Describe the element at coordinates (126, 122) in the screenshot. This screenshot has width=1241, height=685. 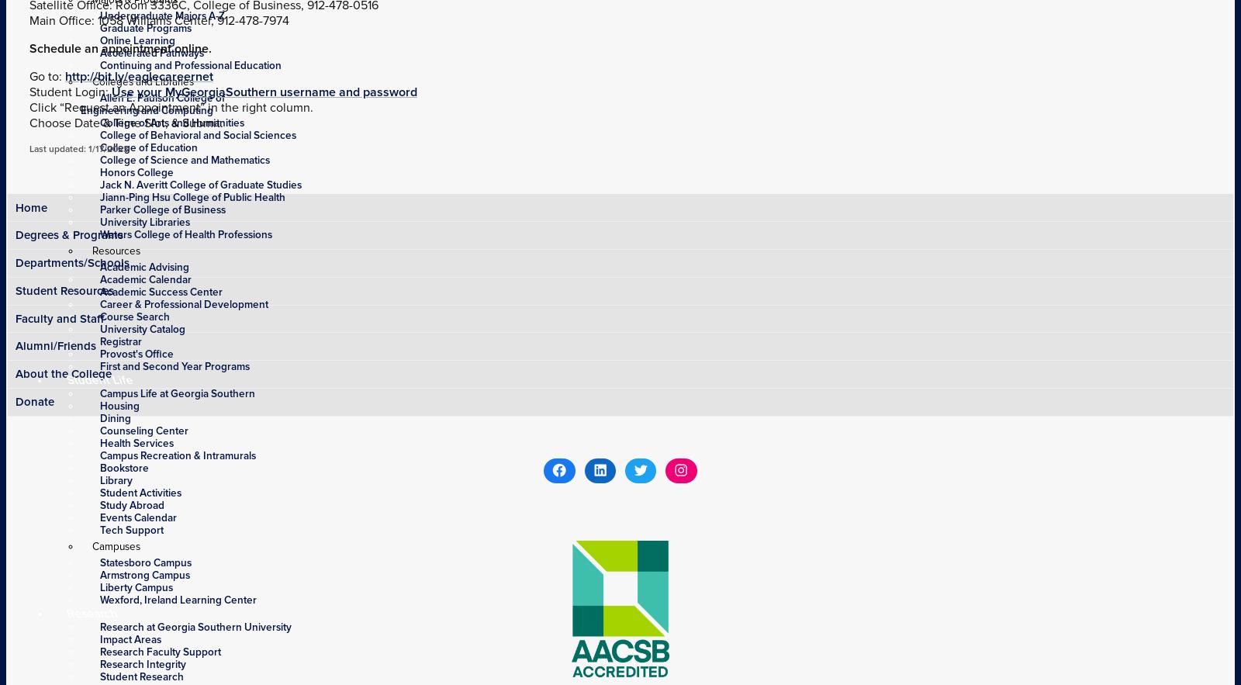
I see `'Choose Date & Time Slot, & Submit.'` at that location.